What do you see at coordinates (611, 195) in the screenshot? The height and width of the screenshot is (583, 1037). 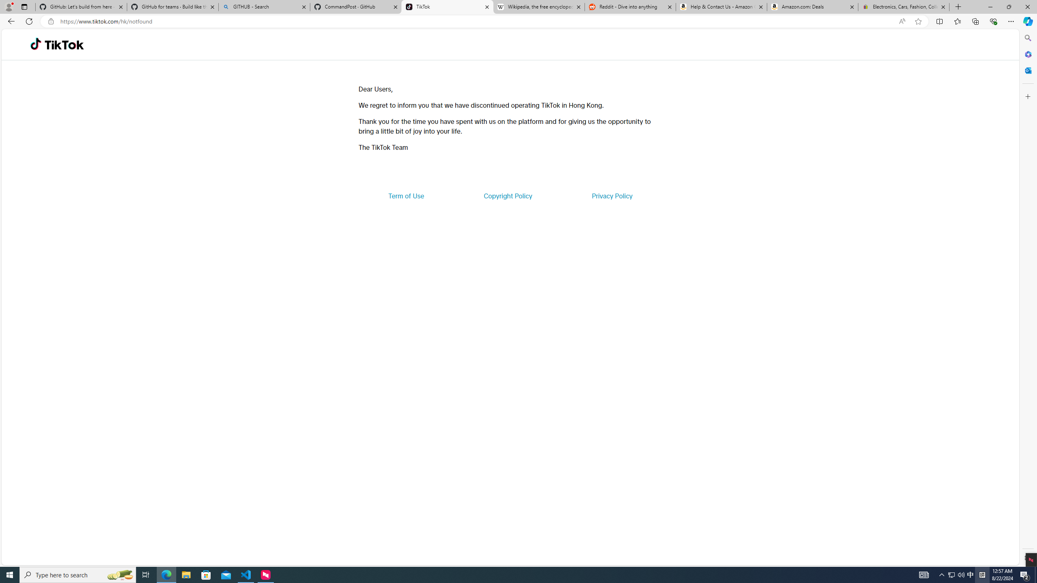 I see `'Privacy Policy'` at bounding box center [611, 195].